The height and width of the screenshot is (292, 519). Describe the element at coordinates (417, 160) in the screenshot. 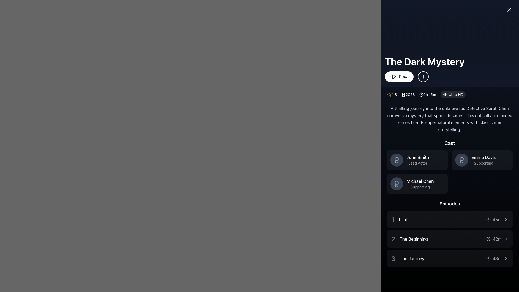

I see `the Text and informational label displaying 'John Smith' and 'Lead Actor' in the 'Cast' section of the interface, located in the first position of the grid layout` at that location.